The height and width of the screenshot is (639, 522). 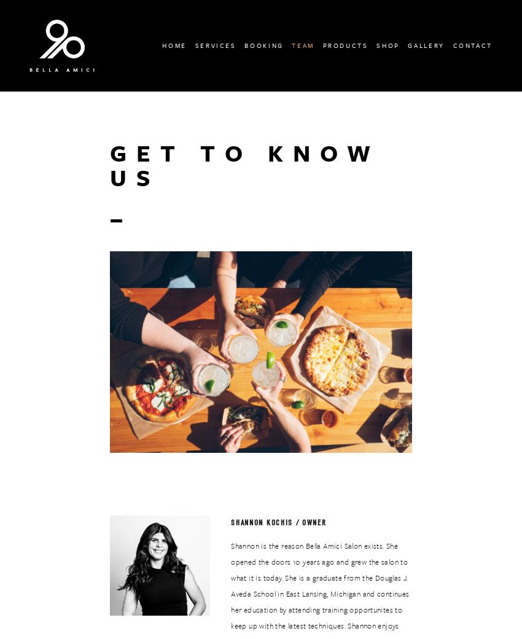 What do you see at coordinates (387, 44) in the screenshot?
I see `'Shop'` at bounding box center [387, 44].